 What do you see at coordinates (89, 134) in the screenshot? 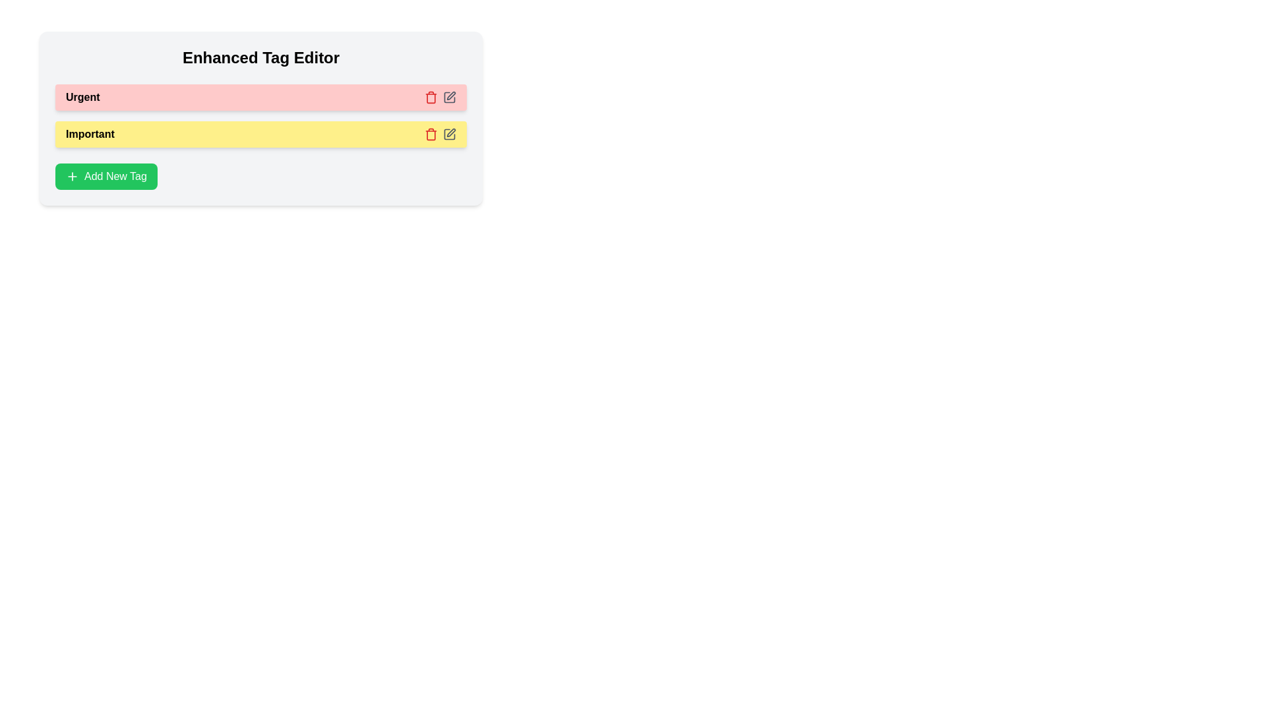
I see `the 'Important' text label located in the yellow bar, which is the second item in a list of tags, positioned below the 'Urgent' red bar and above the 'Add New Tag' green button` at bounding box center [89, 134].